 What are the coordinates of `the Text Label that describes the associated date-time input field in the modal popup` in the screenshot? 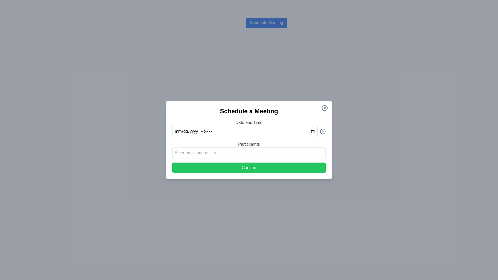 It's located at (249, 123).